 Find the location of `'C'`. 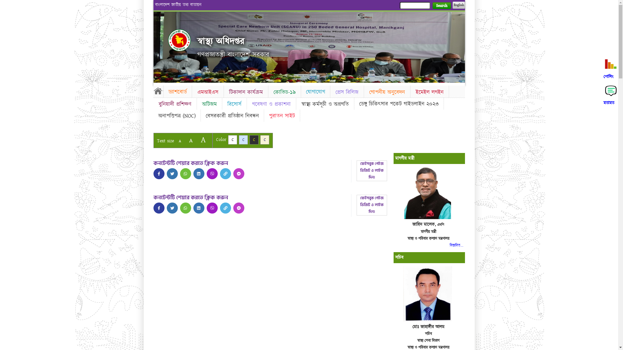

'C' is located at coordinates (243, 139).